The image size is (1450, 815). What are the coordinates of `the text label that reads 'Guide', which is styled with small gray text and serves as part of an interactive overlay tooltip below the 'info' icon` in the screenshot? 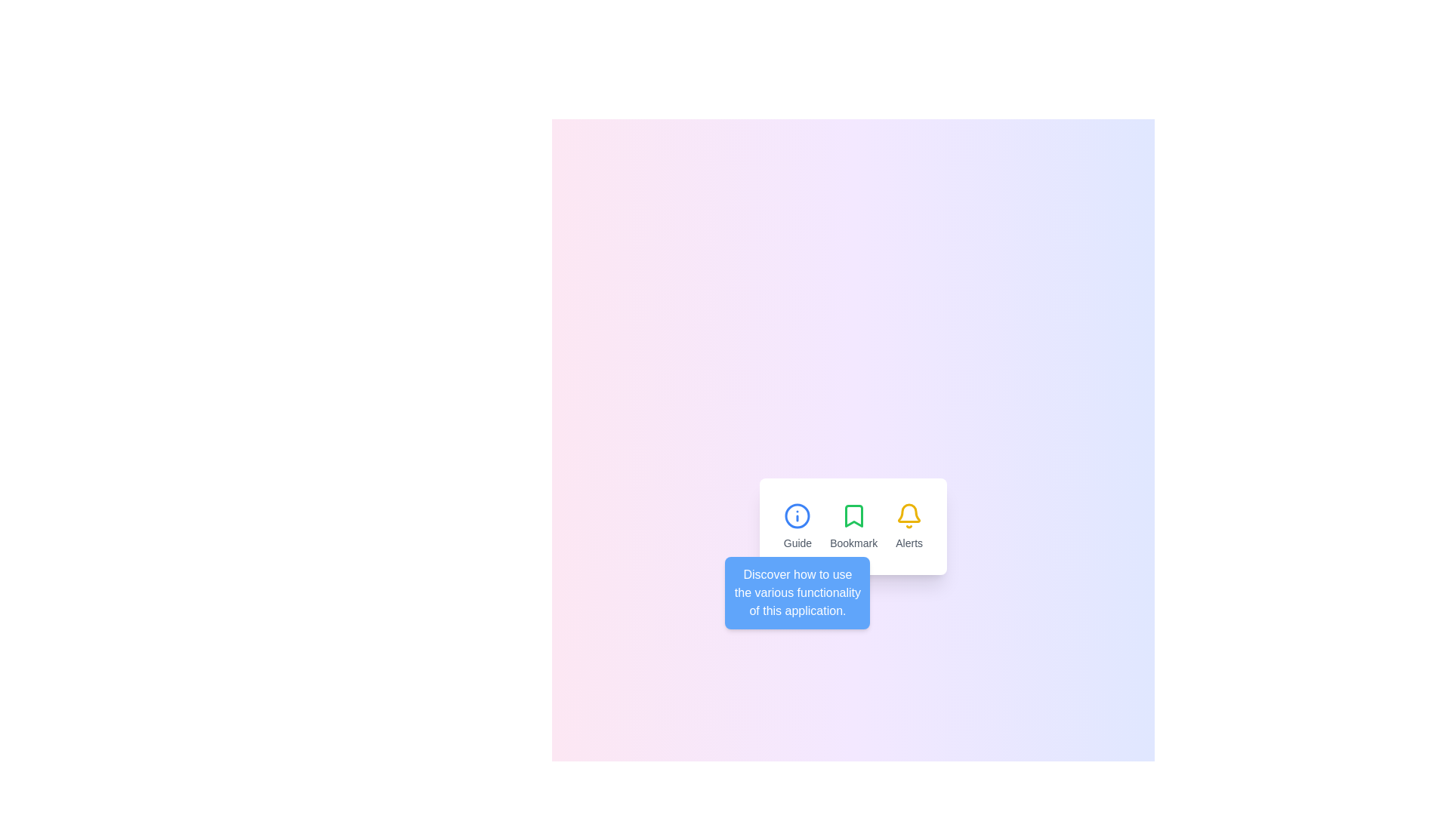 It's located at (797, 543).